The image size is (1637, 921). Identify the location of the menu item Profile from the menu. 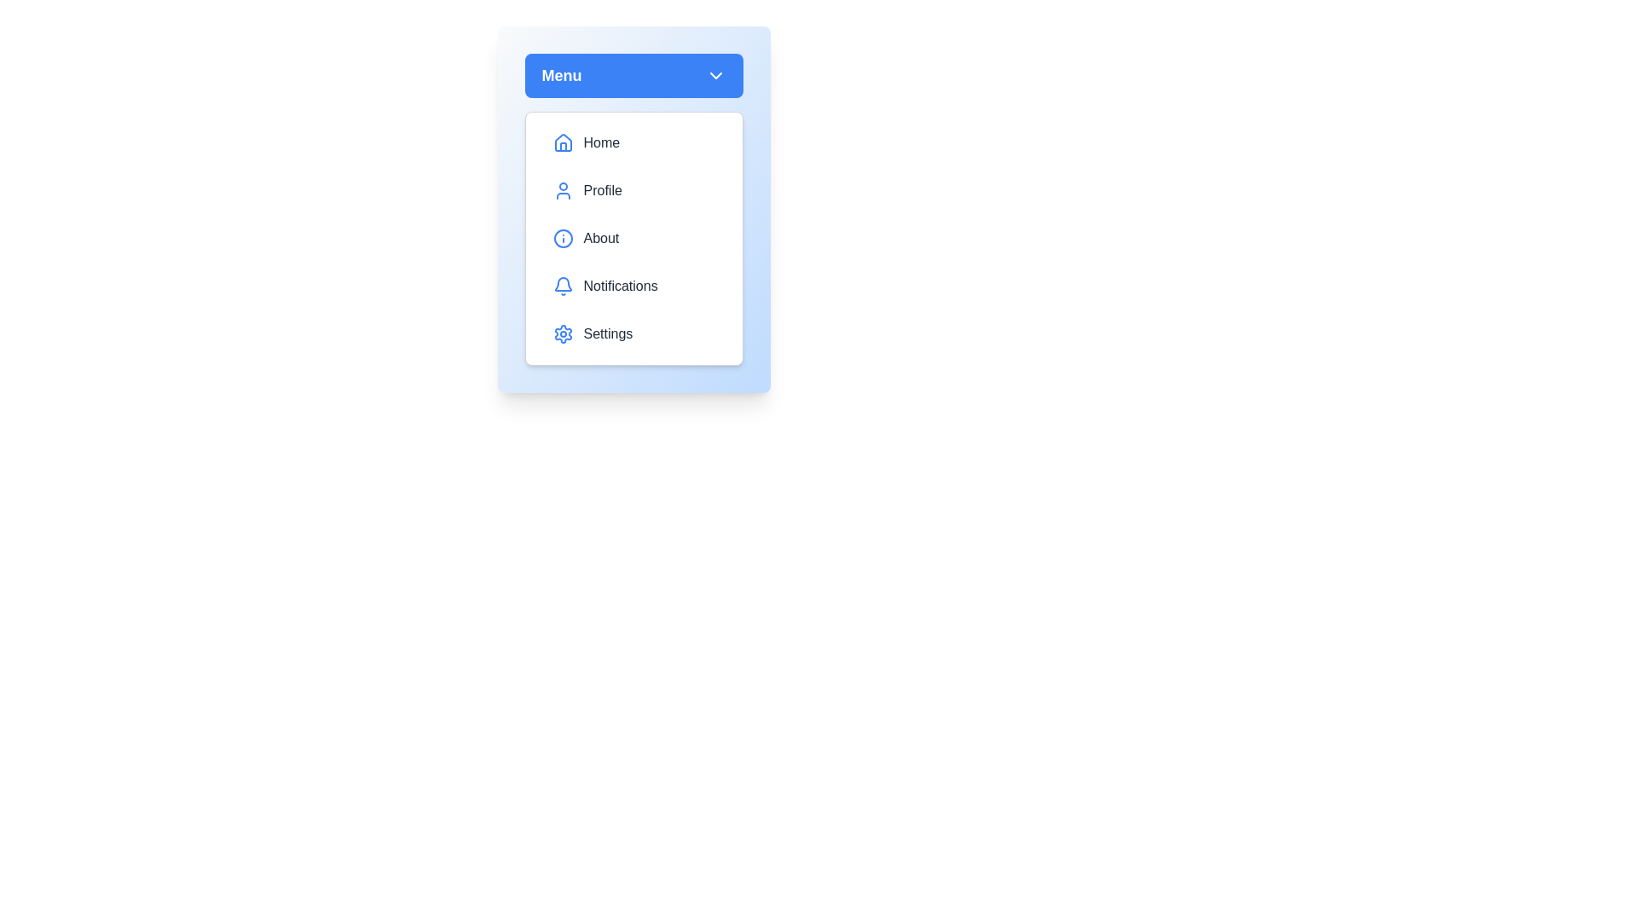
(633, 190).